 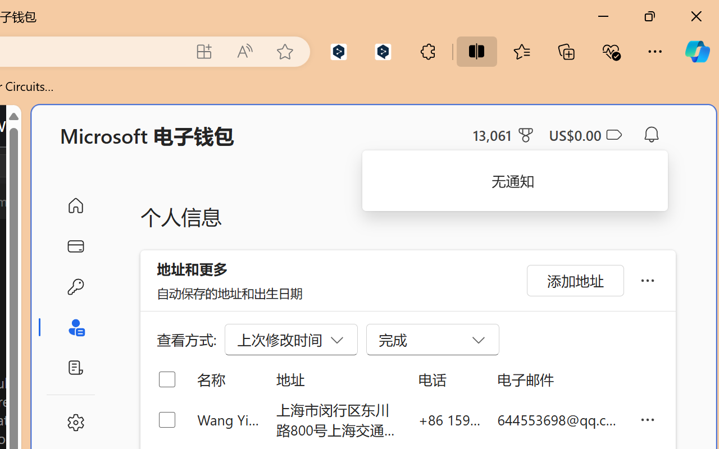 What do you see at coordinates (449, 419) in the screenshot?
I see `'+86 159 0032 4640'` at bounding box center [449, 419].